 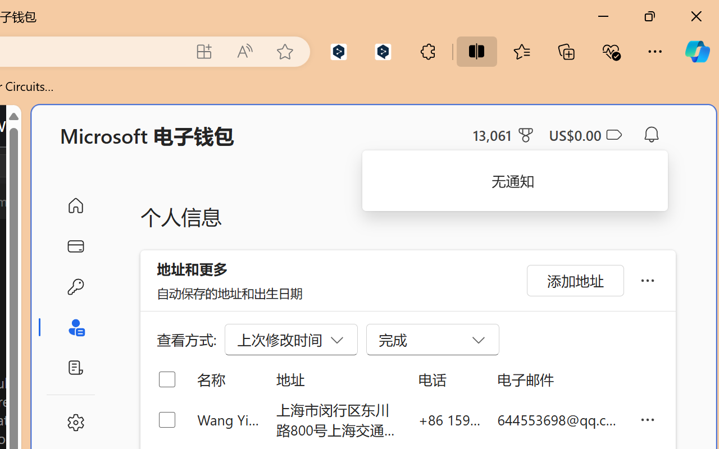 What do you see at coordinates (449, 419) in the screenshot?
I see `'+86 159 0032 4640'` at bounding box center [449, 419].